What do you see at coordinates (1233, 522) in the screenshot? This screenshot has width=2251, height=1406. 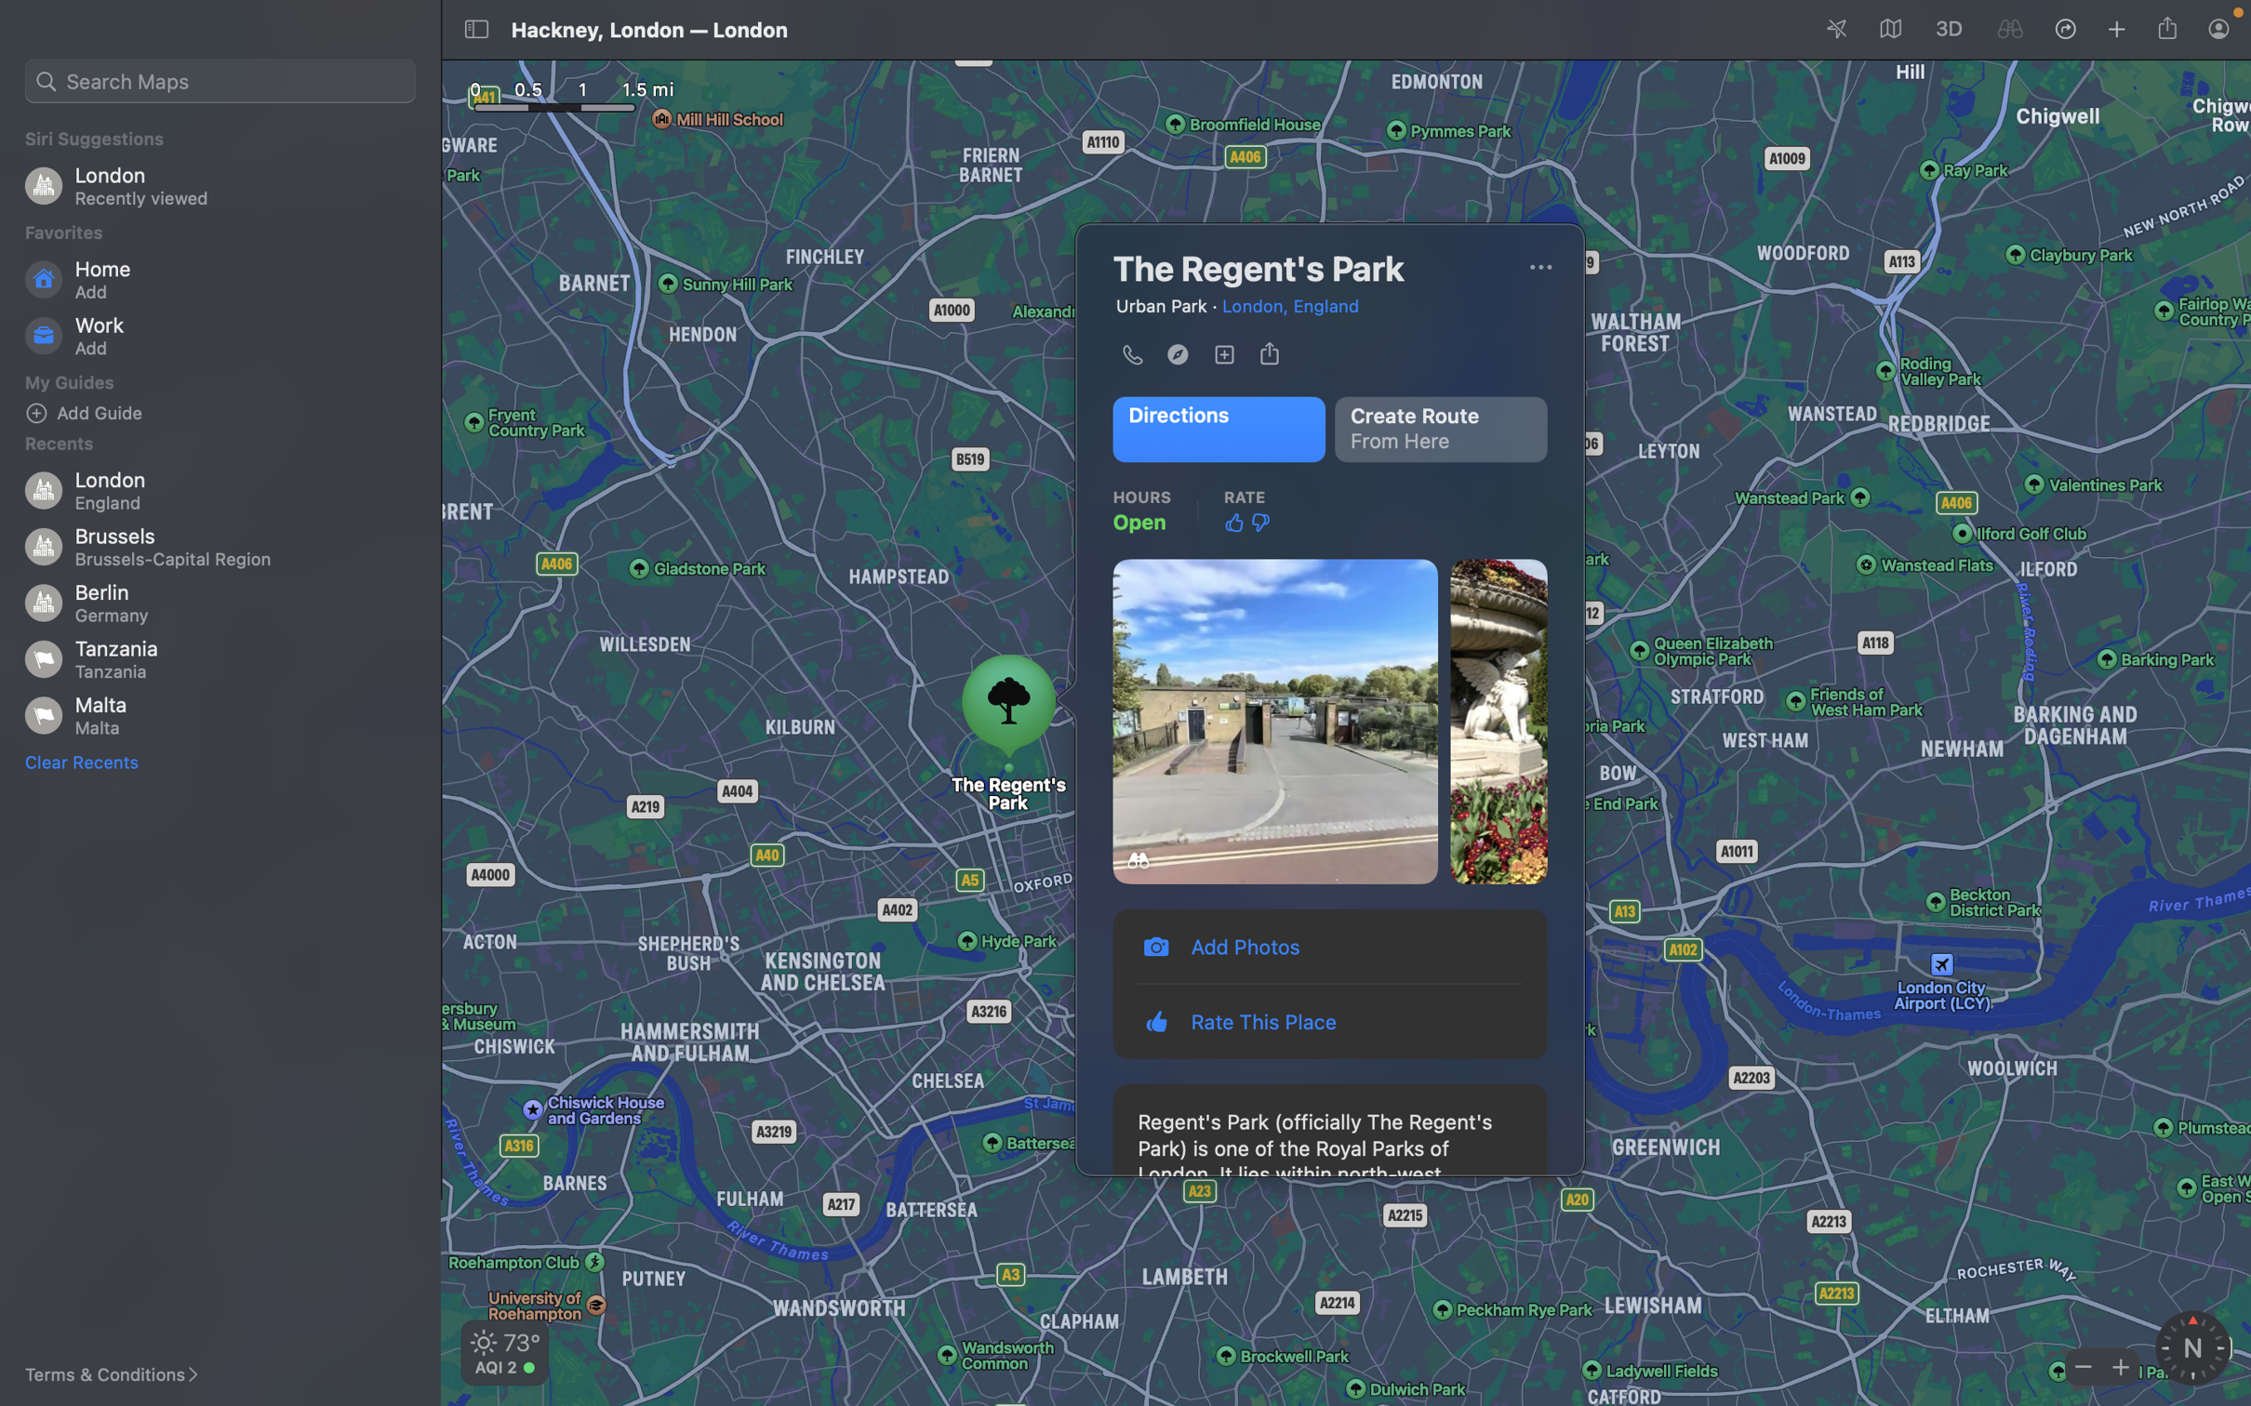 I see `Give a positive rating to the location` at bounding box center [1233, 522].